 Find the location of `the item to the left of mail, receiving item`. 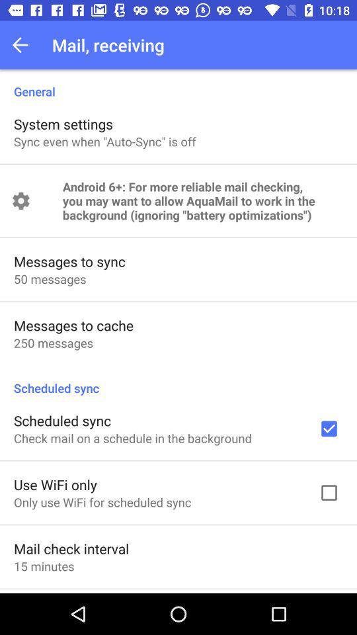

the item to the left of mail, receiving item is located at coordinates (24, 45).